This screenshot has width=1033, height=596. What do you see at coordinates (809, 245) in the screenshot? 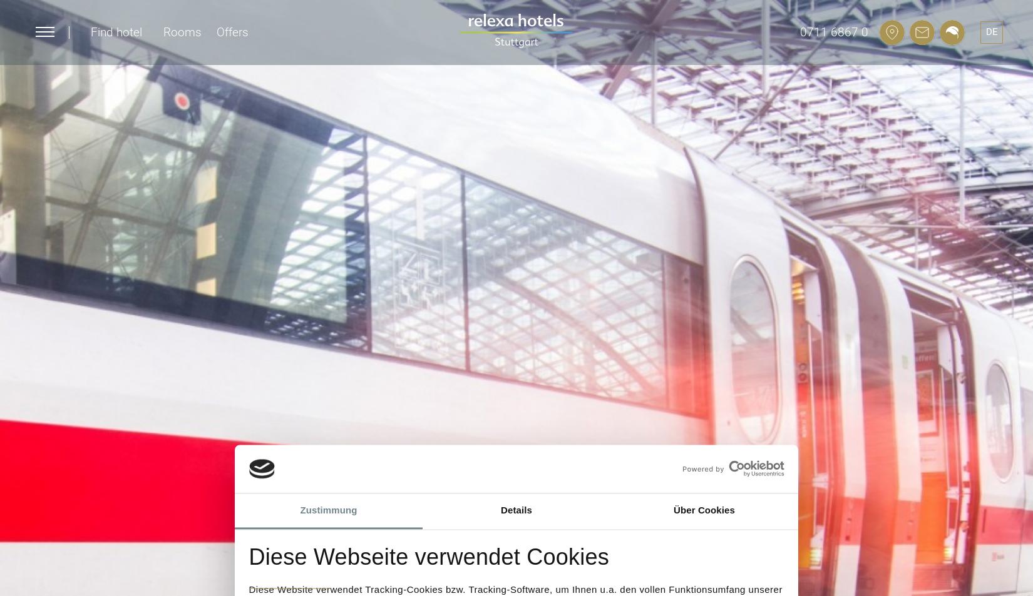
I see `'Certified hotel'` at bounding box center [809, 245].